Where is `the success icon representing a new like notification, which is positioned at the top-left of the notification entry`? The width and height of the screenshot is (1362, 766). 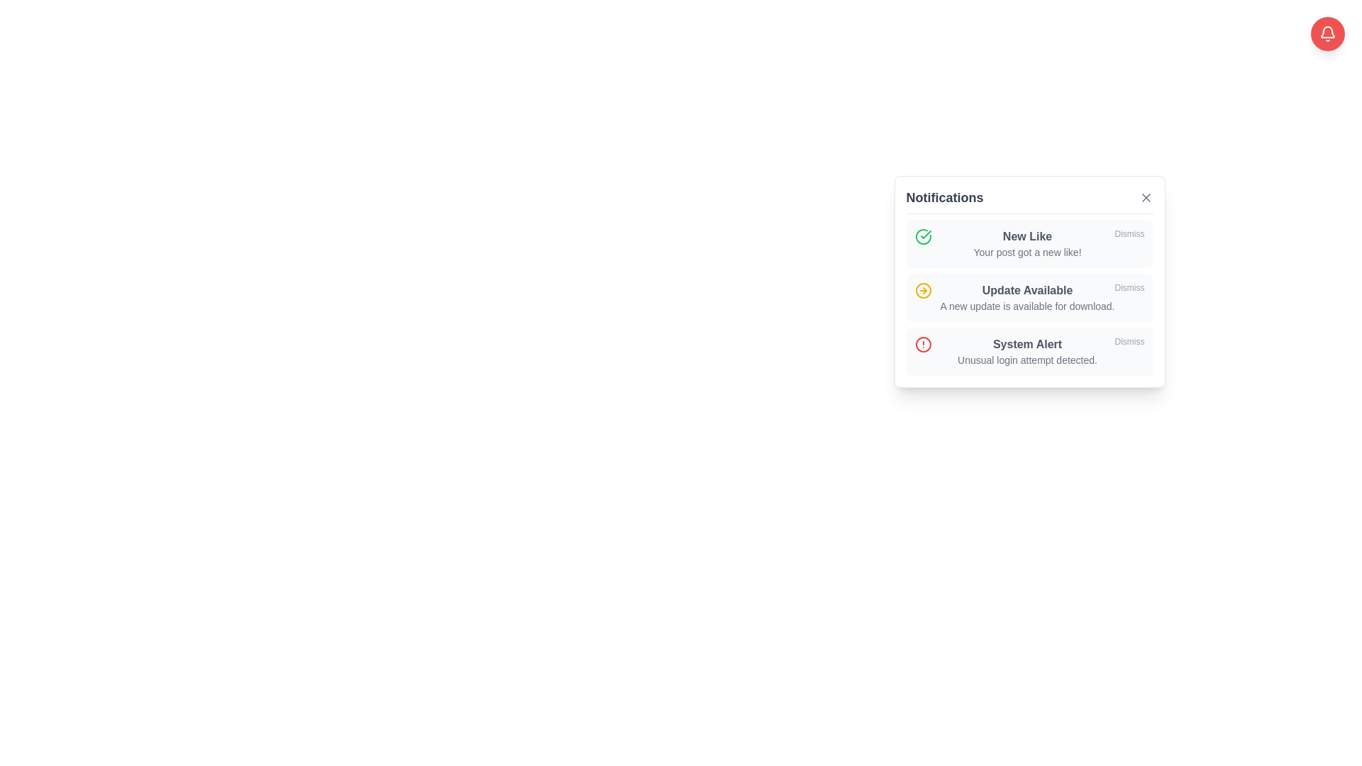 the success icon representing a new like notification, which is positioned at the top-left of the notification entry is located at coordinates (922, 236).